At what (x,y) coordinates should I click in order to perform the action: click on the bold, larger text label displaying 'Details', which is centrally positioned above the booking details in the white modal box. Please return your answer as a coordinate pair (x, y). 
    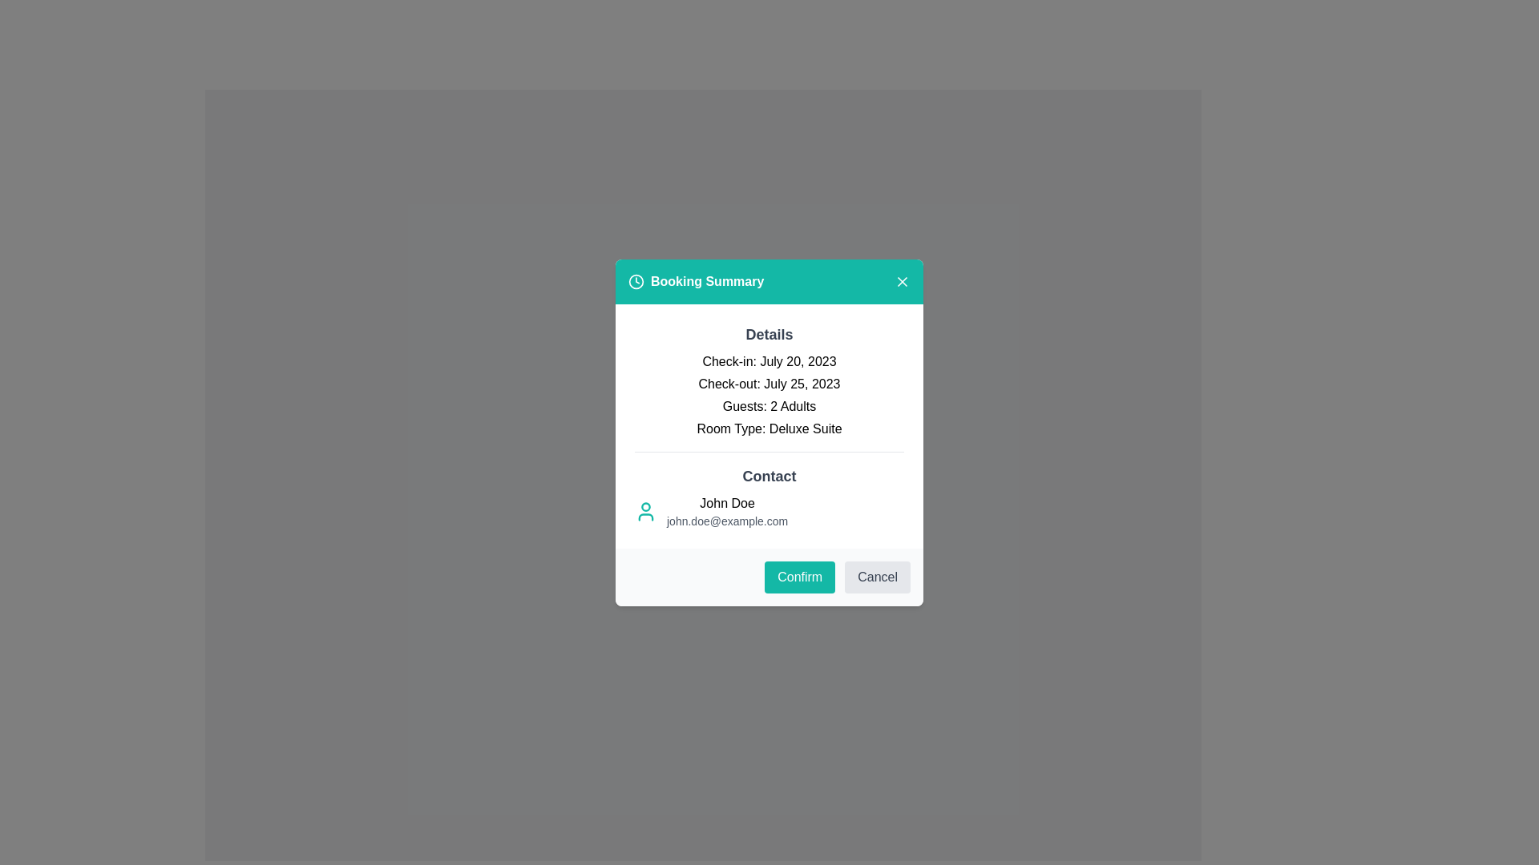
    Looking at the image, I should click on (769, 333).